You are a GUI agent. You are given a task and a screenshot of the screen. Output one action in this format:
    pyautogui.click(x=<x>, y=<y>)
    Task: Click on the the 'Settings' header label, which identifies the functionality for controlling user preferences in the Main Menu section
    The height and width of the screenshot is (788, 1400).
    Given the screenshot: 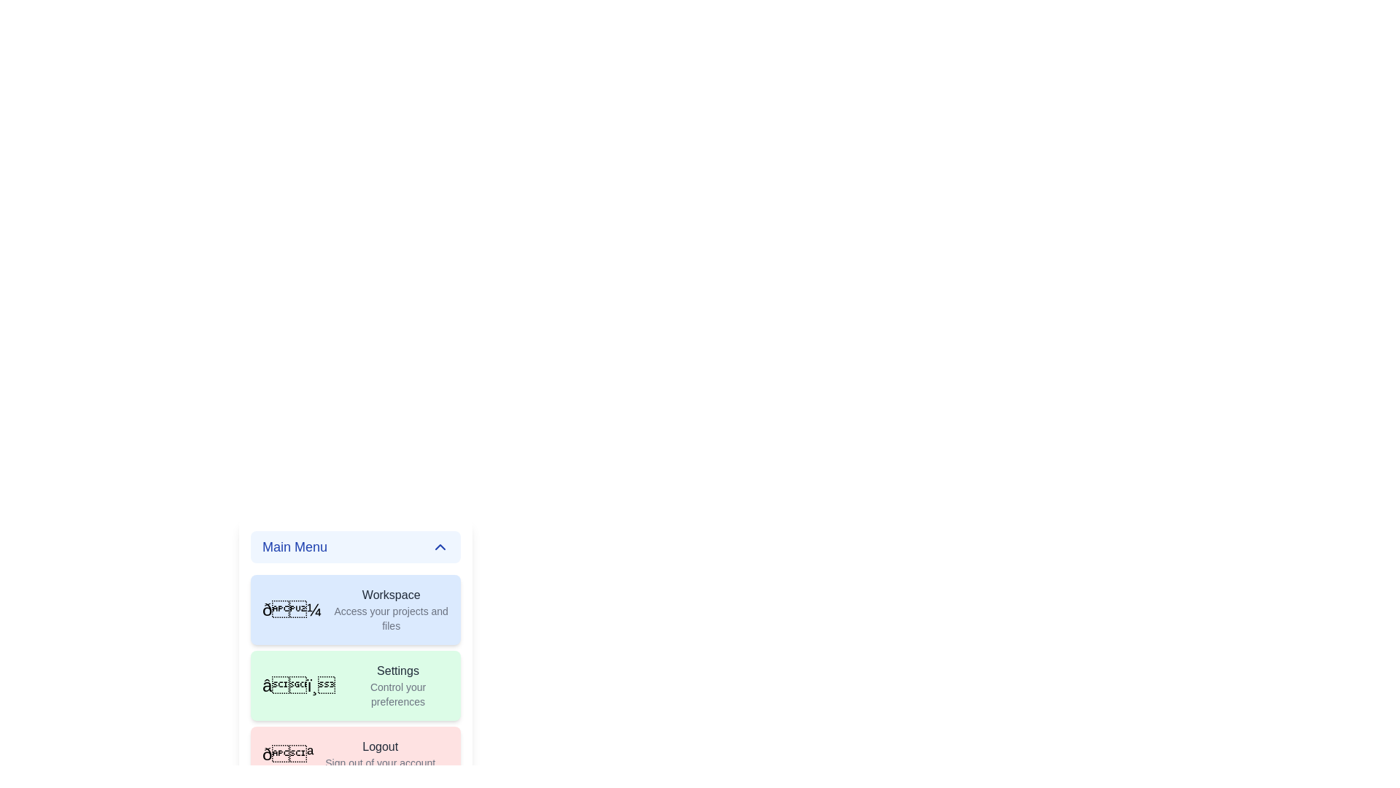 What is the action you would take?
    pyautogui.click(x=398, y=671)
    